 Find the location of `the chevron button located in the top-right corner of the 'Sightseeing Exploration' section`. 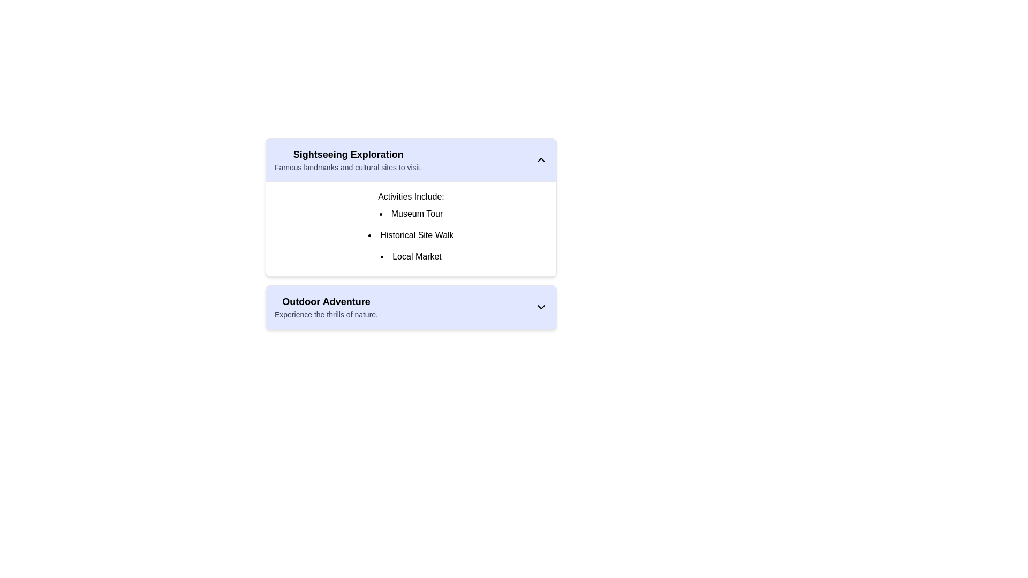

the chevron button located in the top-right corner of the 'Sightseeing Exploration' section is located at coordinates (541, 160).